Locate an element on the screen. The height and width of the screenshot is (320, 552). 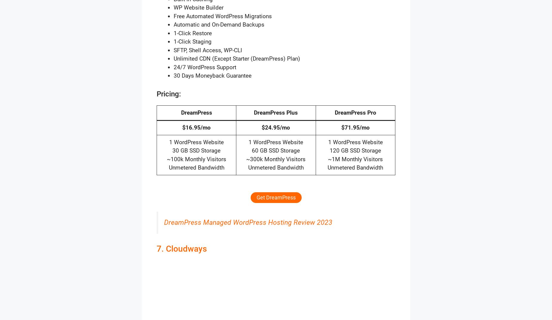
'1-Click Staging' is located at coordinates (192, 41).